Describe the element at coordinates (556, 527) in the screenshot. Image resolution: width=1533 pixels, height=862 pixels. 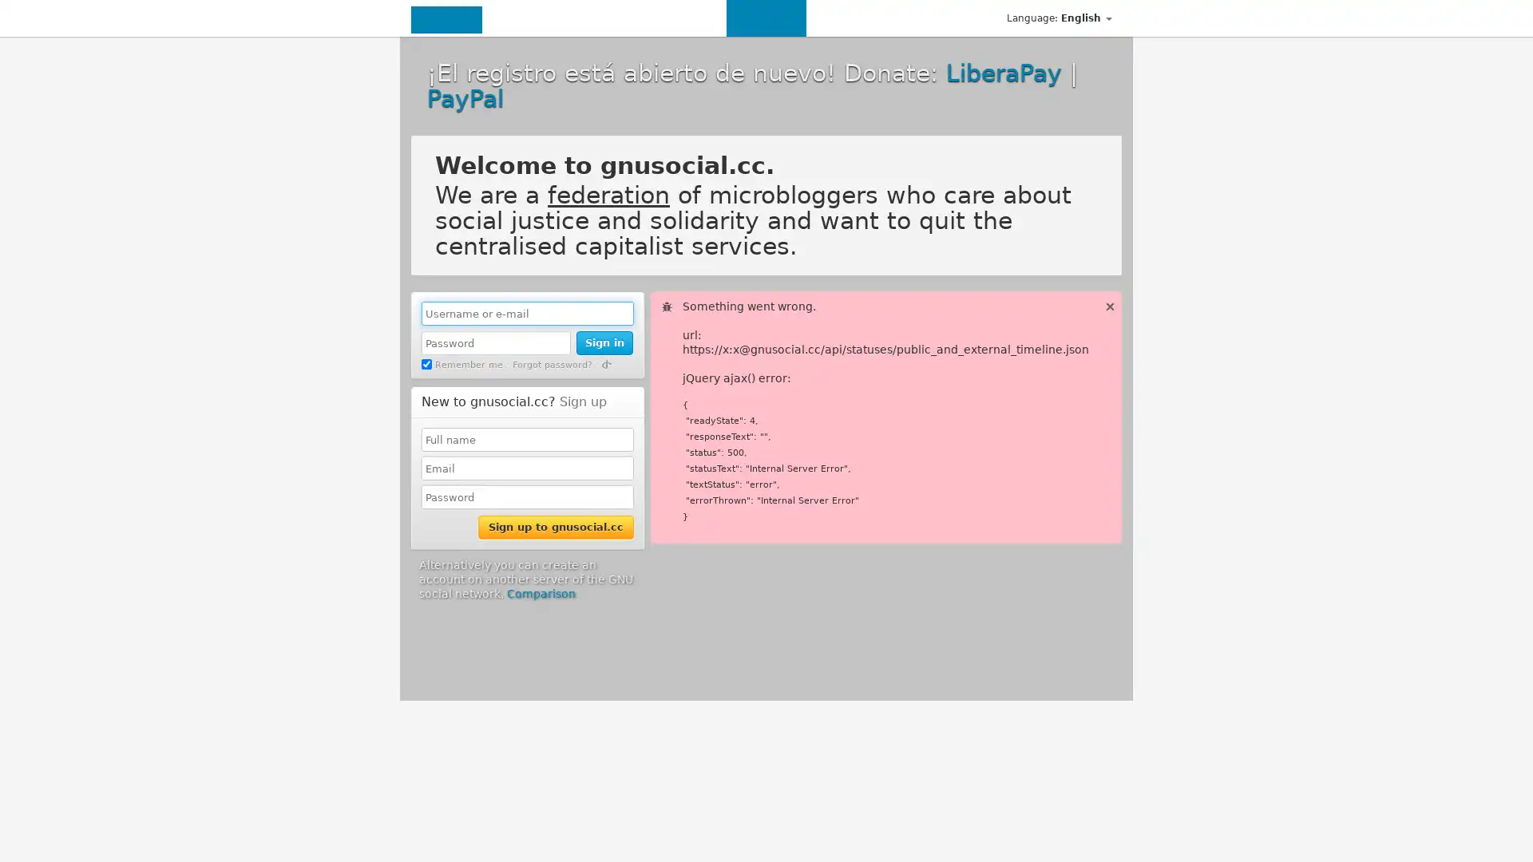
I see `Sign up to gnusocial.cc` at that location.